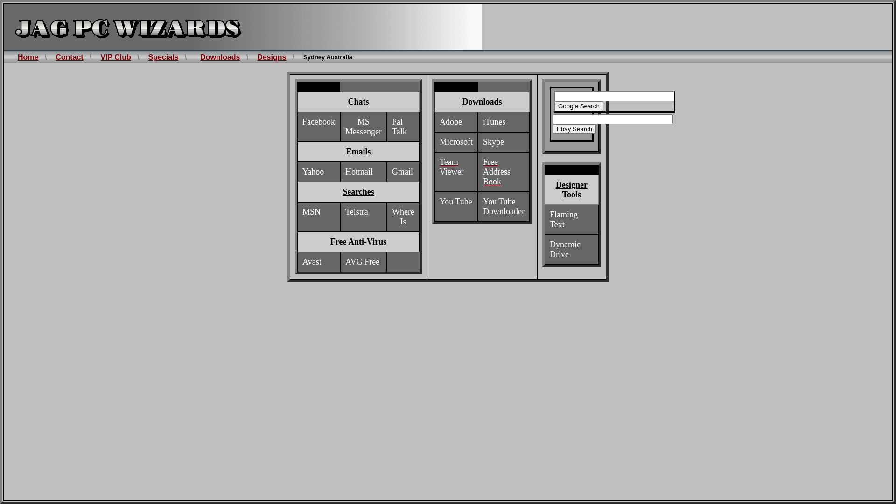 The width and height of the screenshot is (896, 504). I want to click on 'Gmail', so click(402, 172).